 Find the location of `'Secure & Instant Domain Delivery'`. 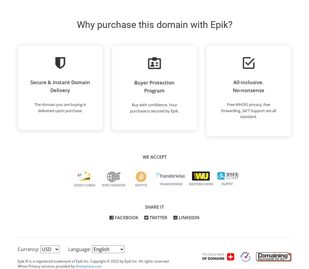

'Secure & Instant Domain Delivery' is located at coordinates (60, 86).